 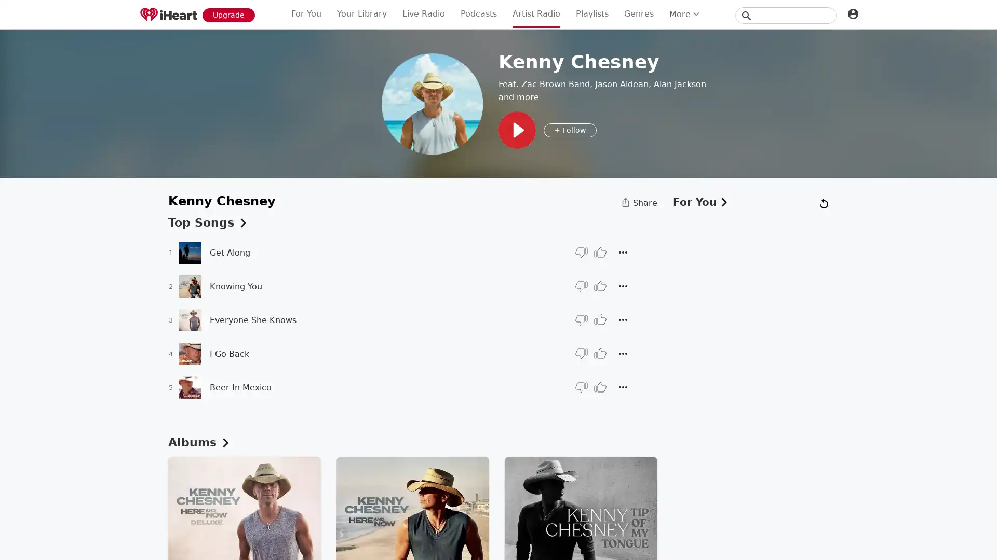 What do you see at coordinates (909, 539) in the screenshot?
I see `Thumb Down` at bounding box center [909, 539].